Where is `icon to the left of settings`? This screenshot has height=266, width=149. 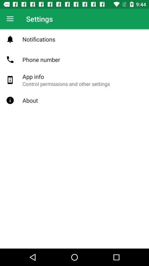 icon to the left of settings is located at coordinates (10, 19).